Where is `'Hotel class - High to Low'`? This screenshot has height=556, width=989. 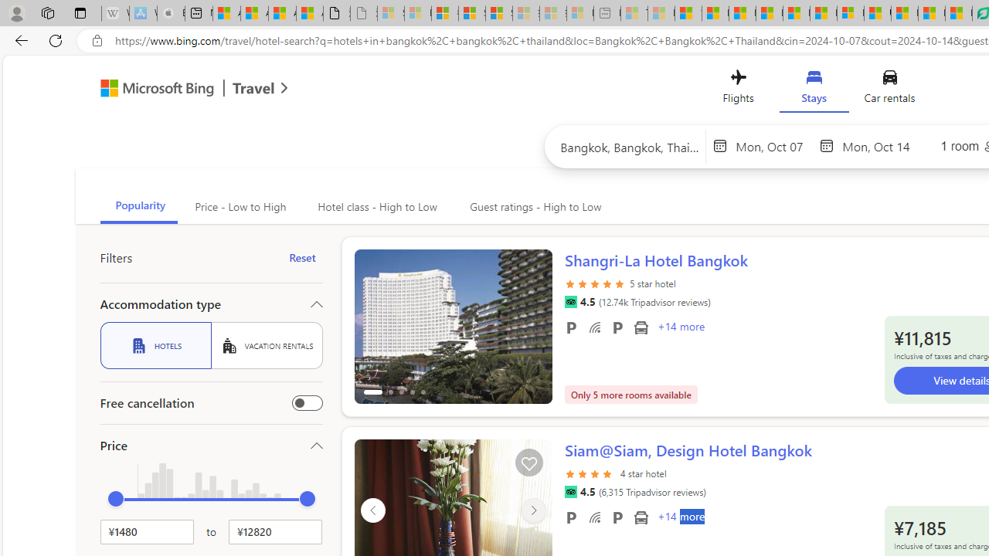 'Hotel class - High to Low' is located at coordinates (376, 206).